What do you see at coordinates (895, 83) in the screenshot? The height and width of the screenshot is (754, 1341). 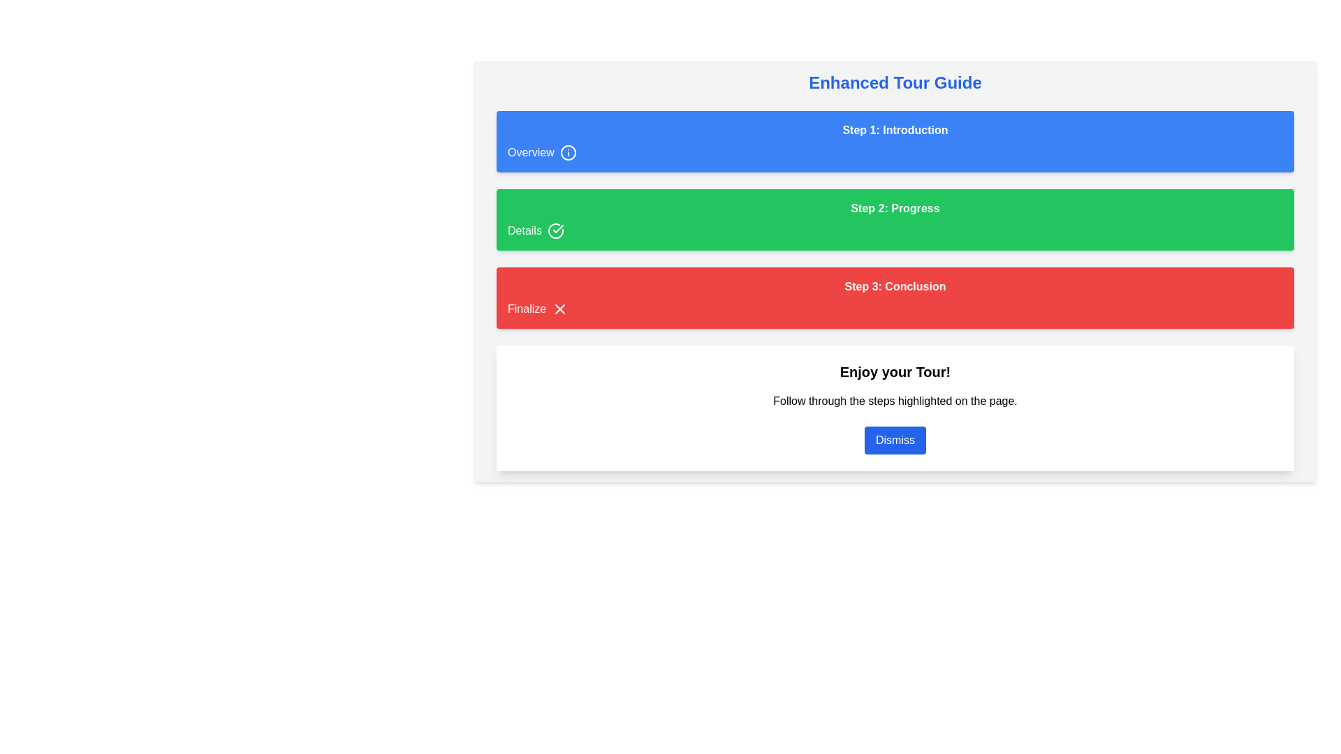 I see `the Text Label displaying 'Enhanced Tour Guide' at the top of the interface, which is styled in a large, bold blue font` at bounding box center [895, 83].